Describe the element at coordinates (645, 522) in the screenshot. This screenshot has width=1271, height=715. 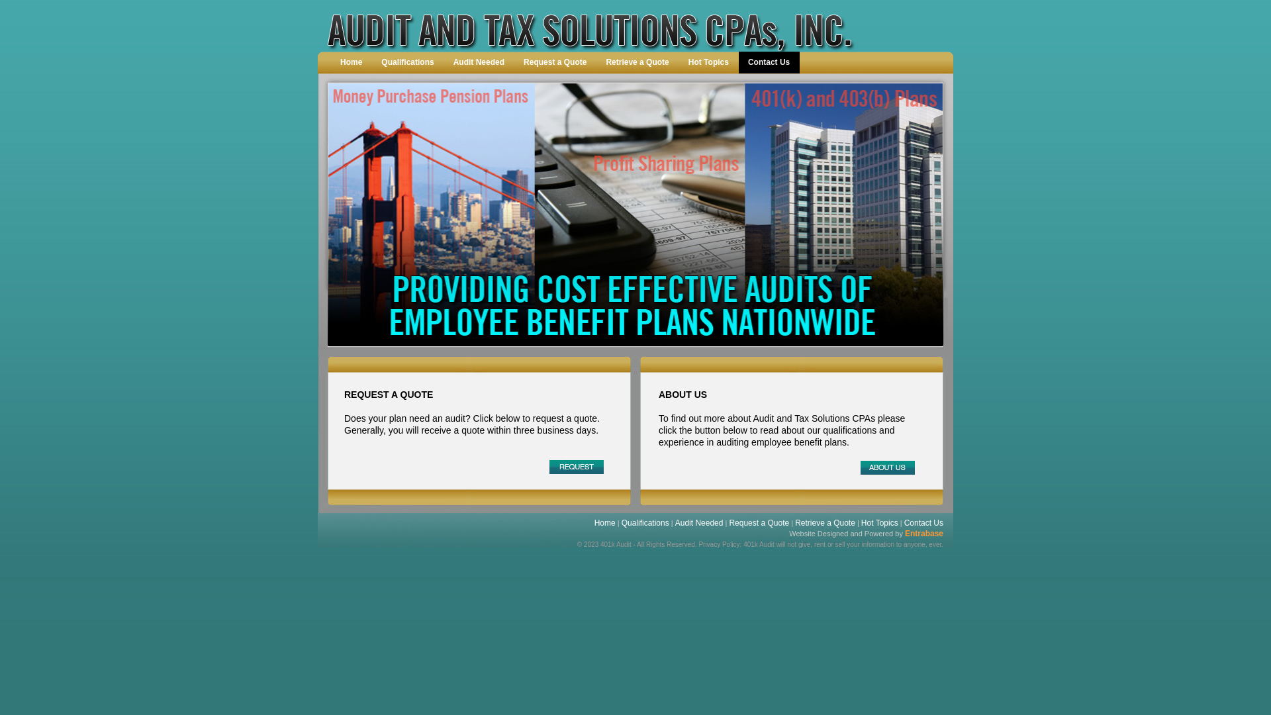
I see `'Qualifications'` at that location.